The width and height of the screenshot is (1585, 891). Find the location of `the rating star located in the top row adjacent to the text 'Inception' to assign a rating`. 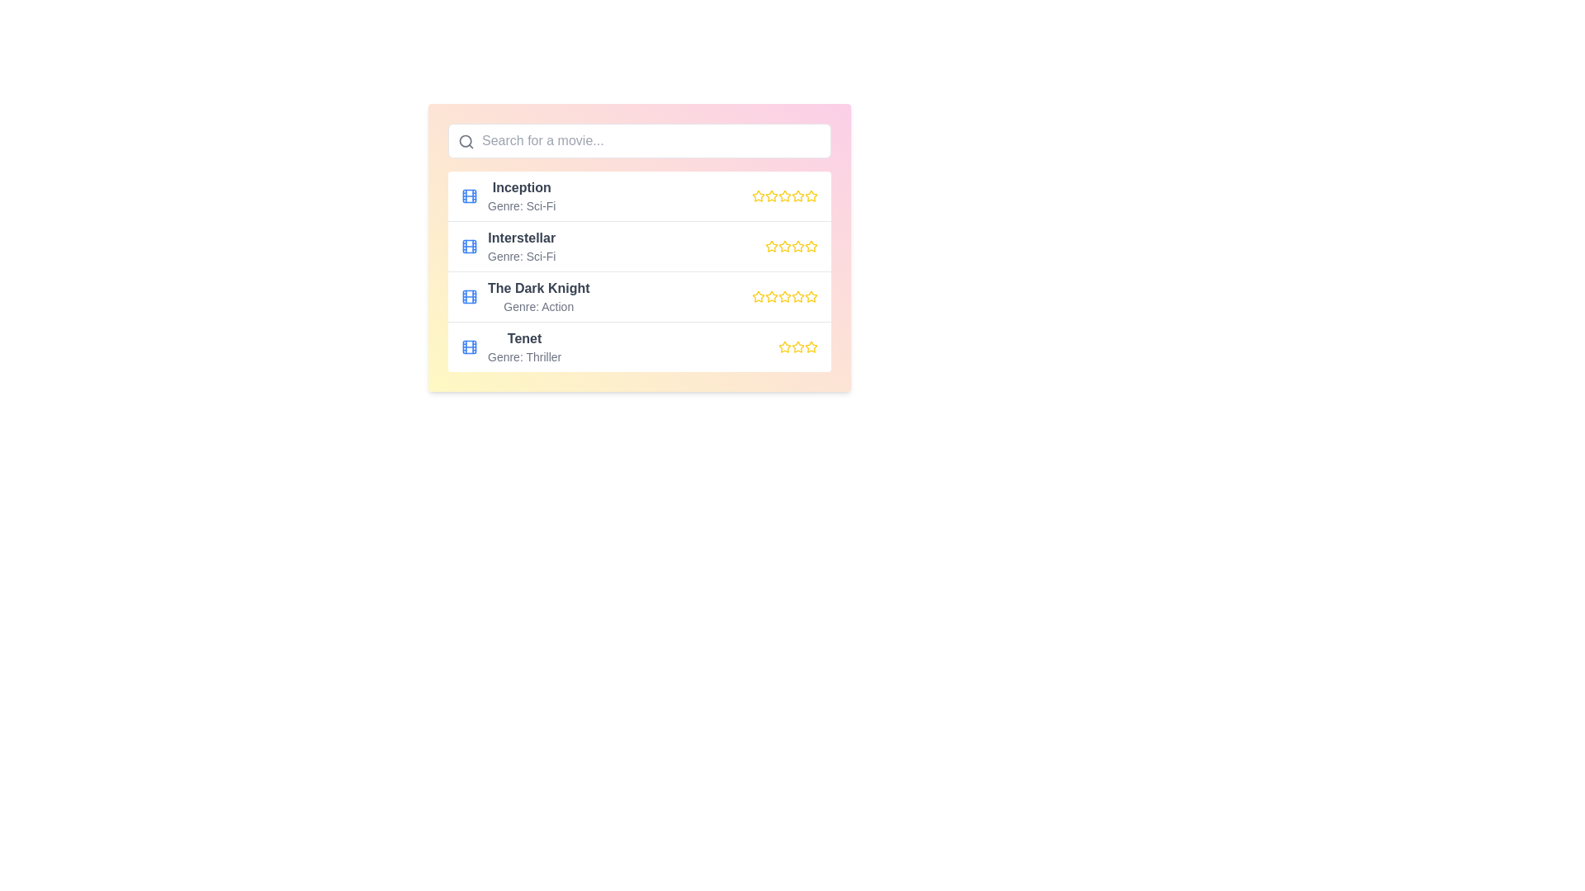

the rating star located in the top row adjacent to the text 'Inception' to assign a rating is located at coordinates (756, 194).